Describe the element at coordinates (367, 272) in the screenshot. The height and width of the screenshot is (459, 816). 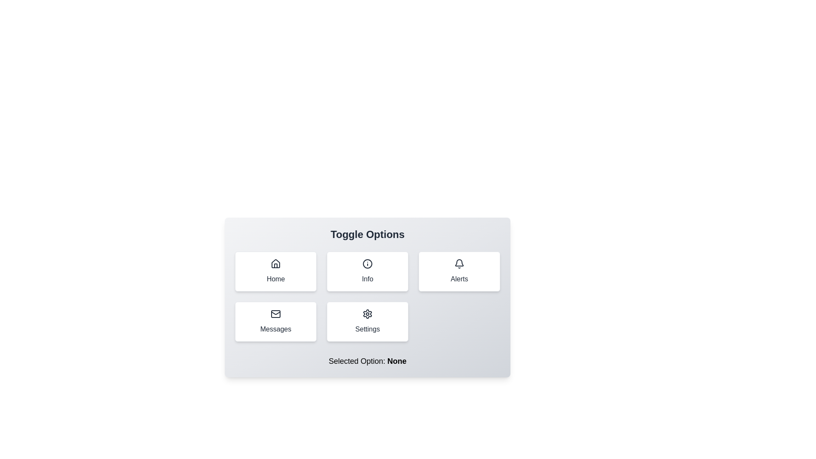
I see `the interactive button located in the center of the grid layout, positioned in the second column of the first row` at that location.